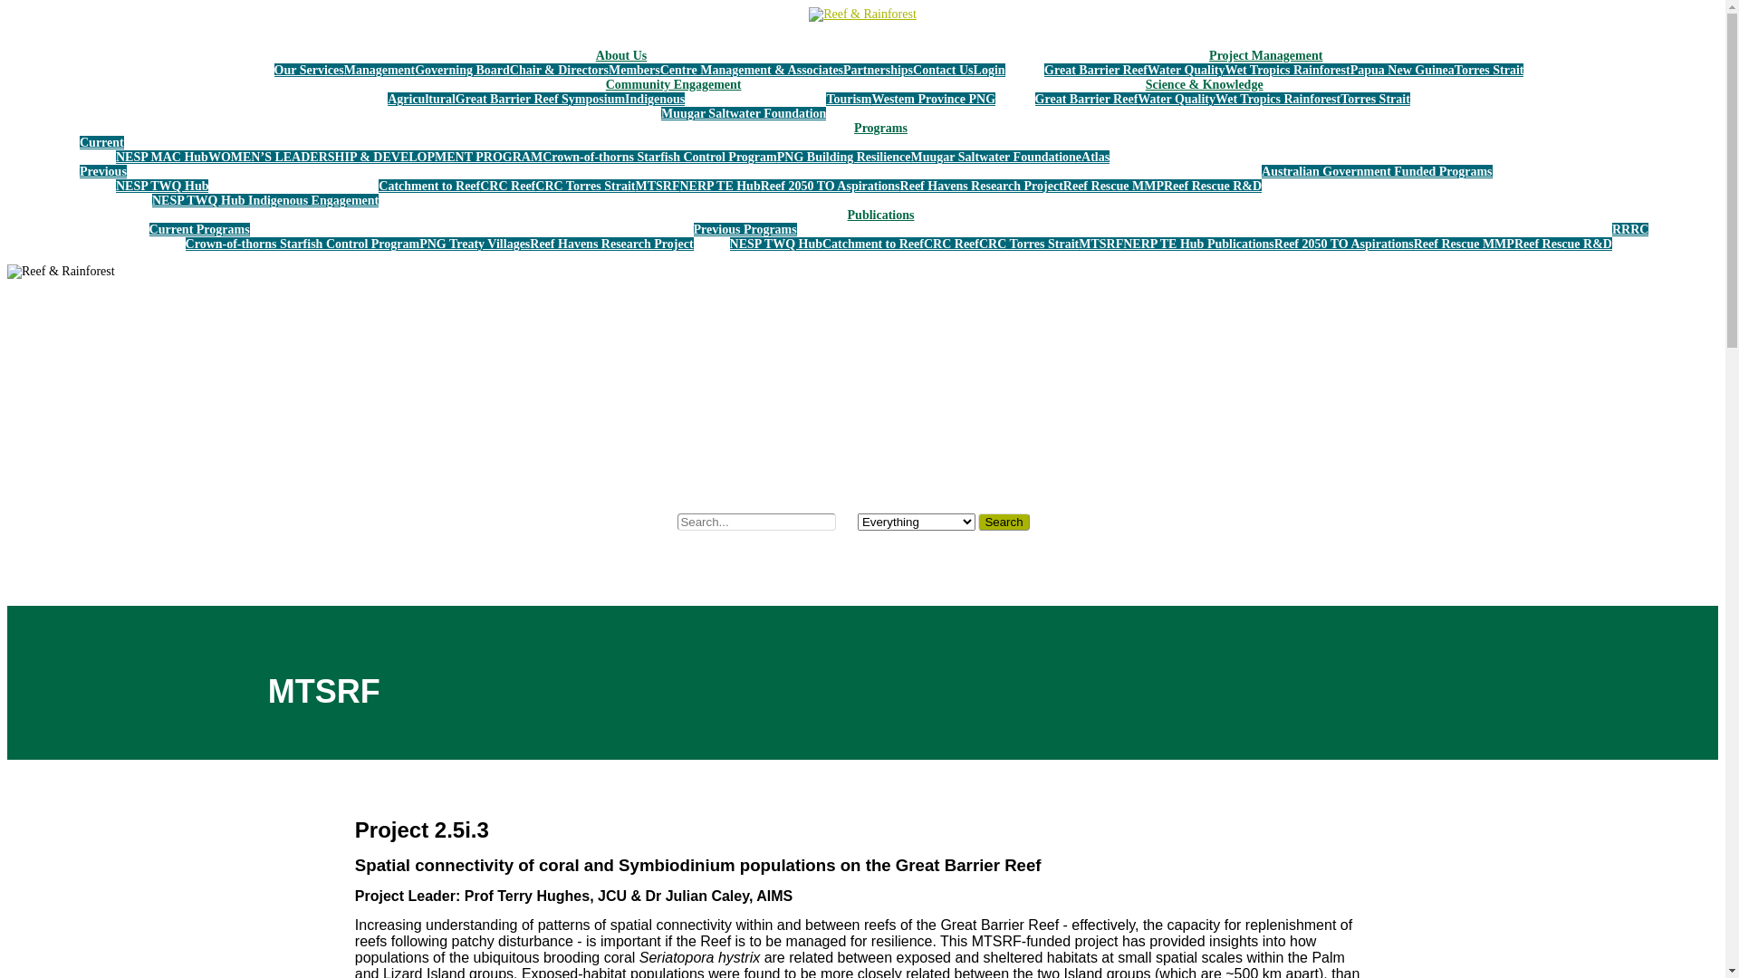 This screenshot has height=978, width=1739. What do you see at coordinates (507, 186) in the screenshot?
I see `'CRC Reef'` at bounding box center [507, 186].